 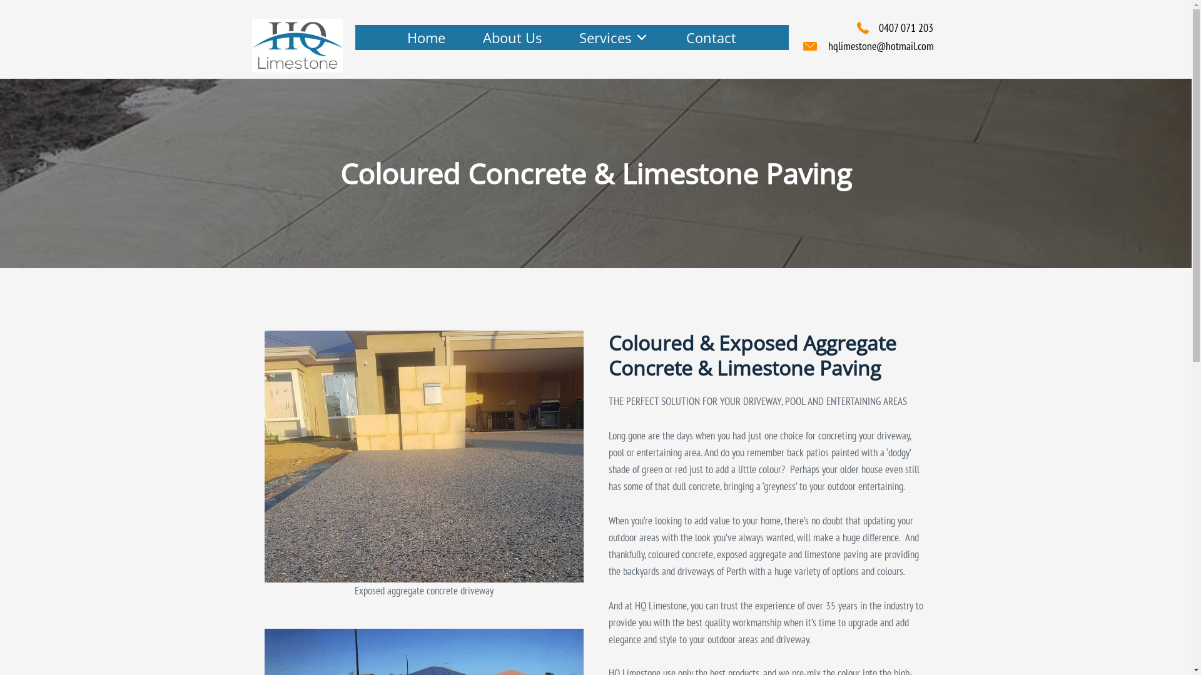 I want to click on 'Coloured Concrete & Limestone Paving', so click(x=263, y=456).